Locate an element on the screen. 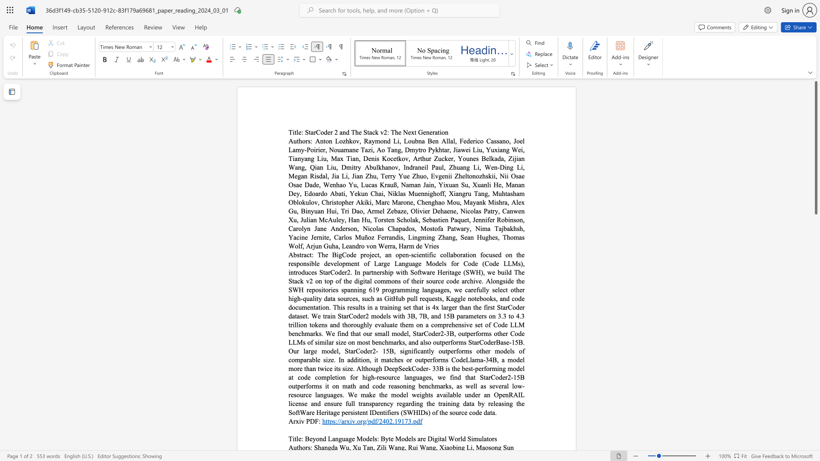  the subset text "https://arxiv.org/pdf/2402.191" within the text "https://arxiv.org/pdf/2402.19173.pdf" is located at coordinates (322, 420).